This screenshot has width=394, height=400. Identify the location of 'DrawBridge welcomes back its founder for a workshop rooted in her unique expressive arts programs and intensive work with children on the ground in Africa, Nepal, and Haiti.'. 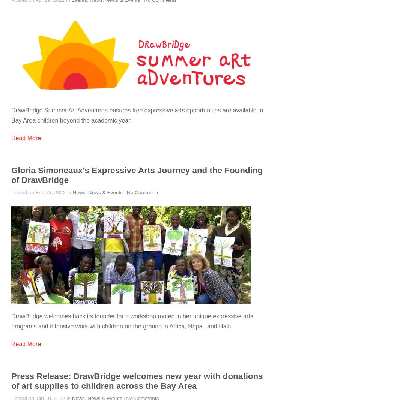
(131, 320).